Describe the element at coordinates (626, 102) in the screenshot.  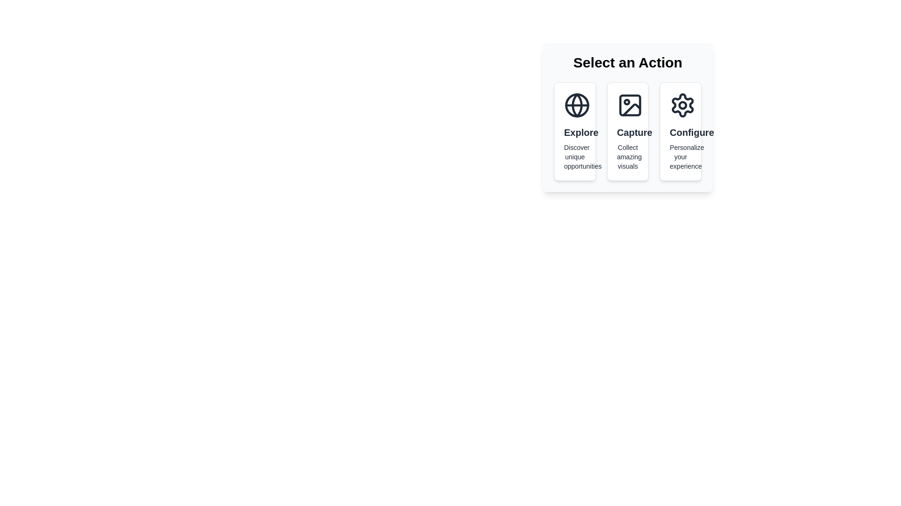
I see `the small circular shape within the 'Capture' action button in the card layout` at that location.